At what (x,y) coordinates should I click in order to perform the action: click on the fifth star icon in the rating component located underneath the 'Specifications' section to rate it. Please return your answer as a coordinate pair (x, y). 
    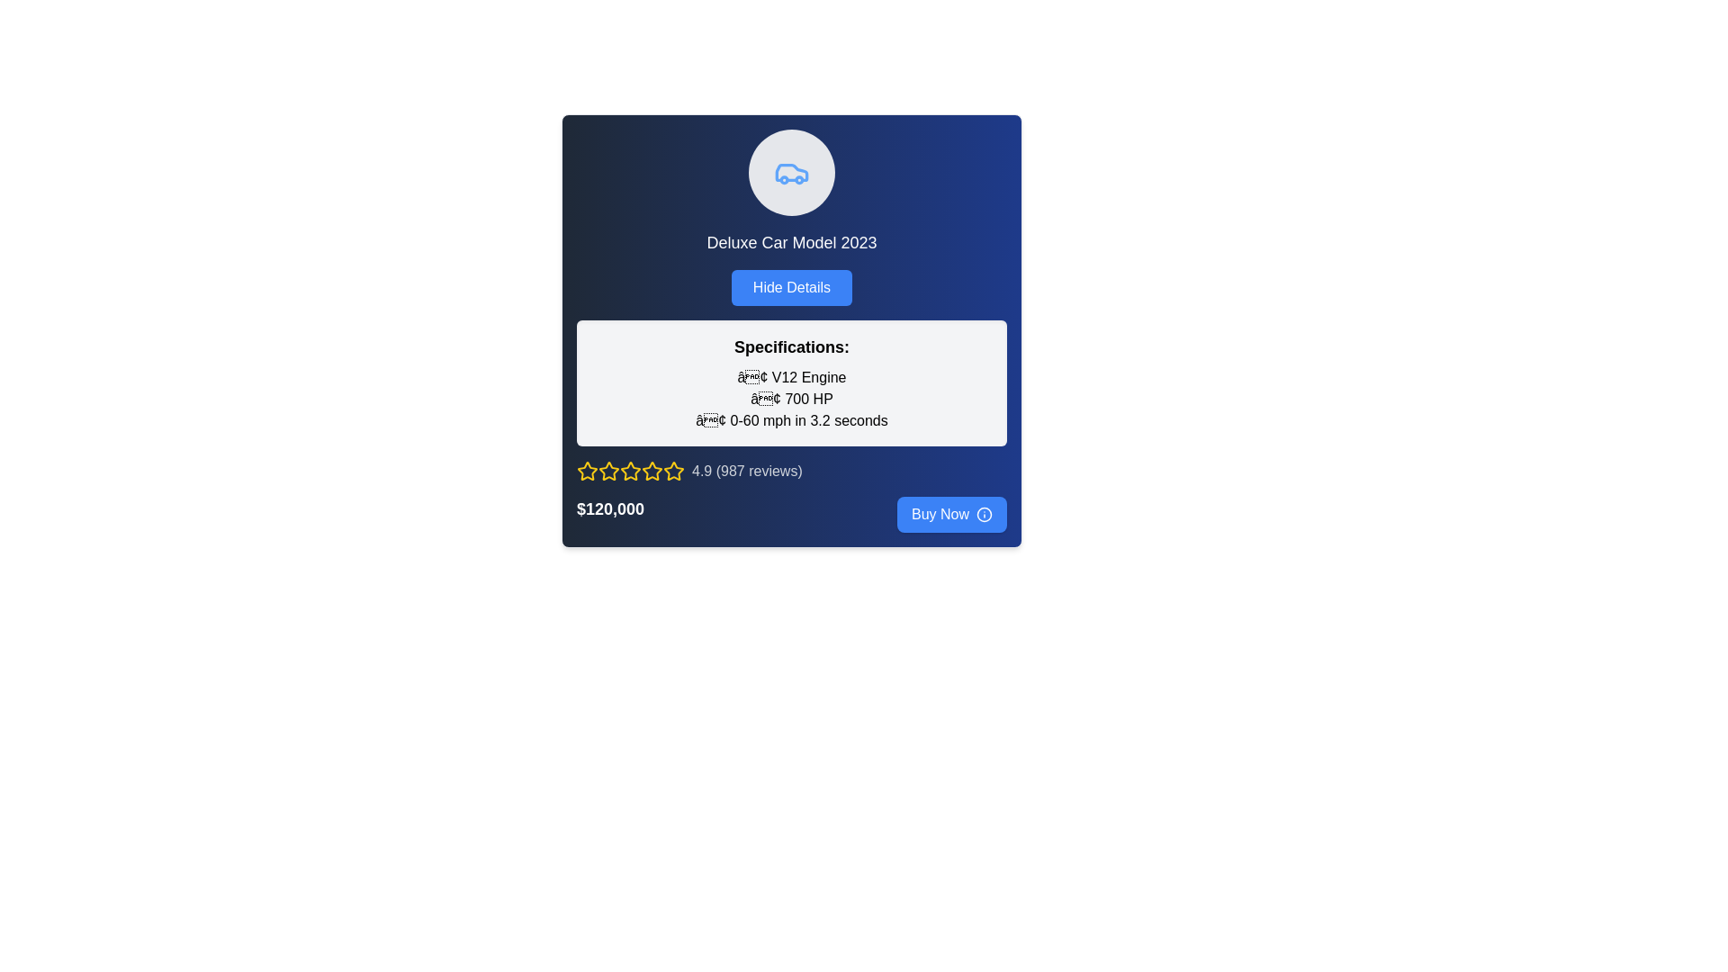
    Looking at the image, I should click on (672, 471).